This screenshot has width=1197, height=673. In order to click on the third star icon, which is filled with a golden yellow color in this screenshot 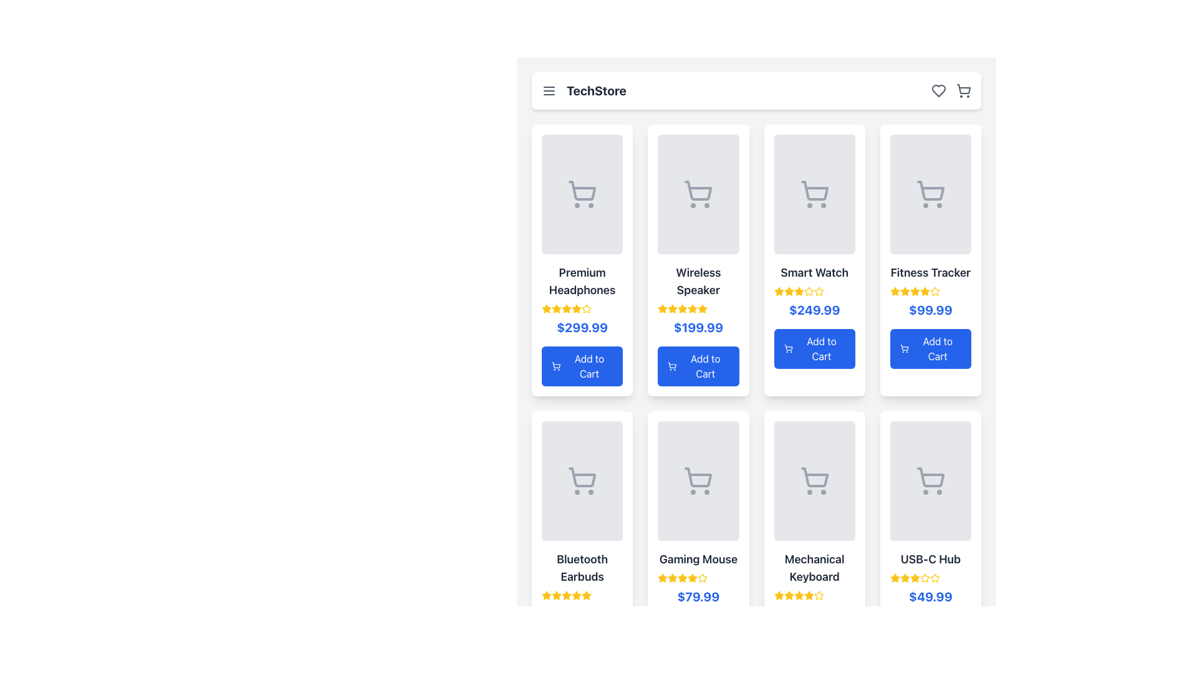, I will do `click(905, 578)`.